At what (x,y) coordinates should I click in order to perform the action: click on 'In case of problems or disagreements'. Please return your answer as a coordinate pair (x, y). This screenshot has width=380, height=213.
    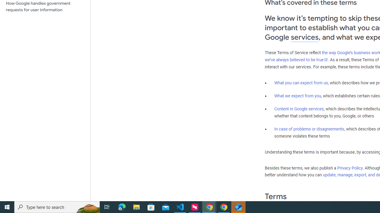
    Looking at the image, I should click on (309, 128).